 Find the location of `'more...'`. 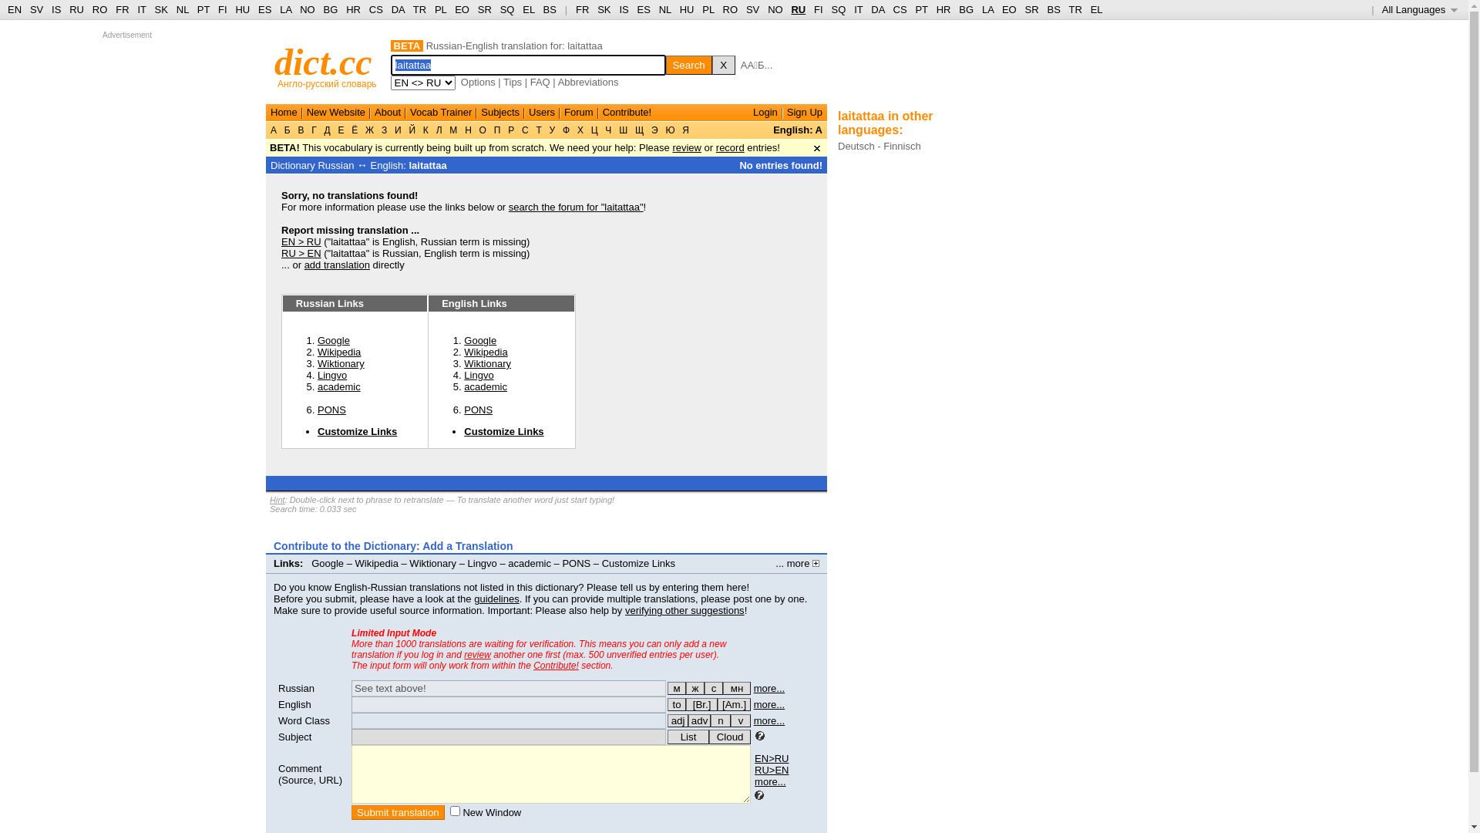

'more...' is located at coordinates (769, 704).